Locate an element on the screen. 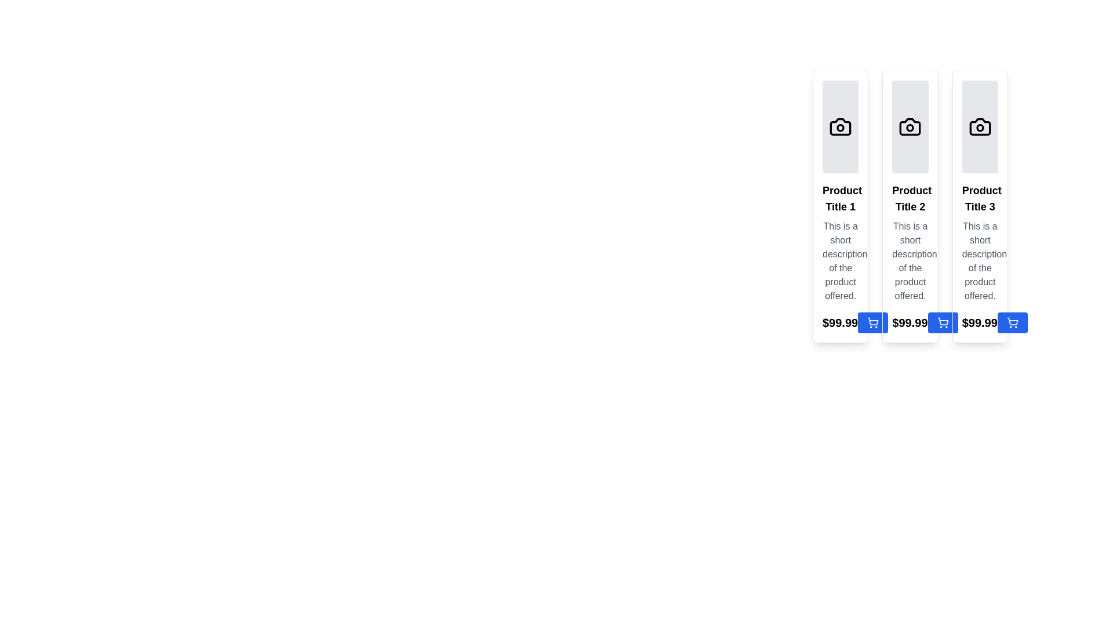  the button located in the bottom-right corner of the second product card is located at coordinates (873, 322).